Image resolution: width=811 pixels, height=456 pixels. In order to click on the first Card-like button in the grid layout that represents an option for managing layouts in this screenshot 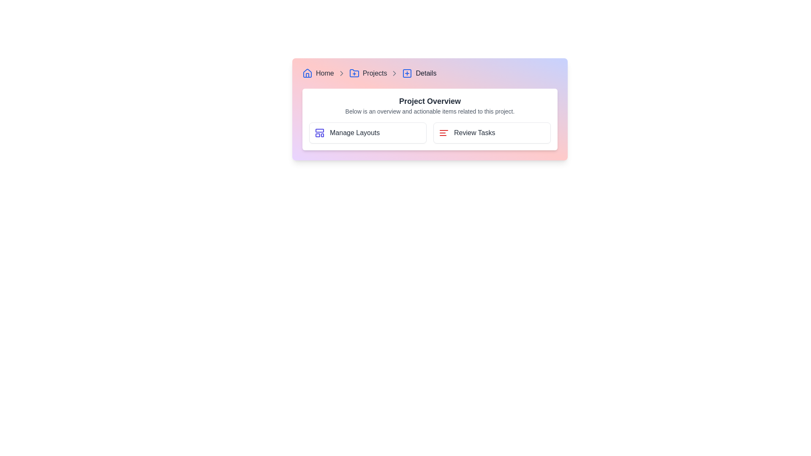, I will do `click(367, 133)`.